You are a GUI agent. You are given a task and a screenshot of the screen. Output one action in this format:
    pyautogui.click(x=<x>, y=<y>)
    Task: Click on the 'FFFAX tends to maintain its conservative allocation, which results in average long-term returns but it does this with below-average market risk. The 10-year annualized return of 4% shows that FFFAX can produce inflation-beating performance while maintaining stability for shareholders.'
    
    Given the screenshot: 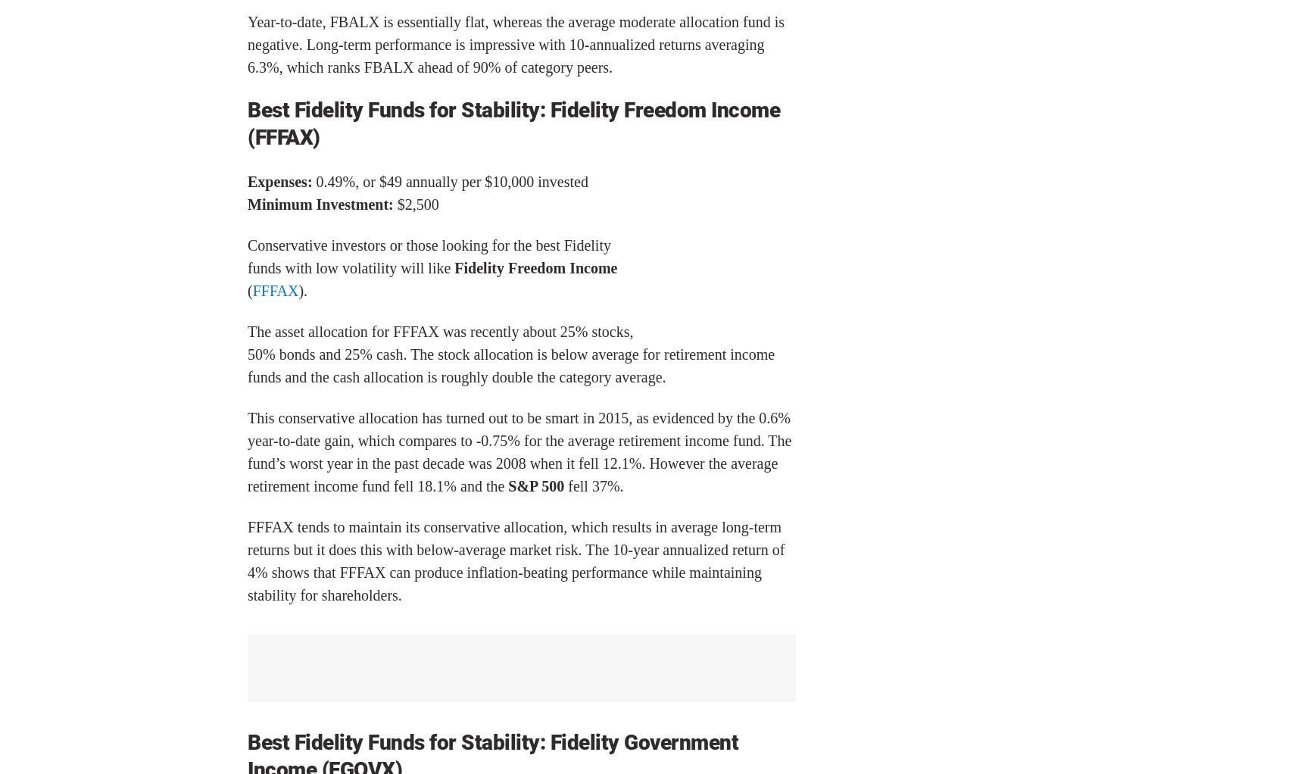 What is the action you would take?
    pyautogui.click(x=247, y=560)
    